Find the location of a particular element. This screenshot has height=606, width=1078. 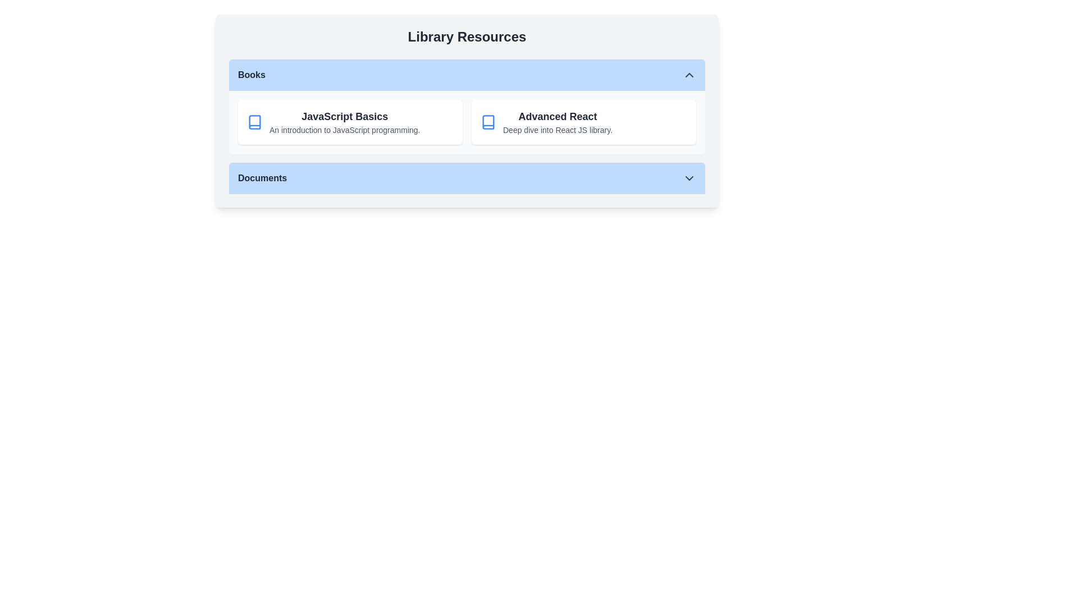

Informational card titled 'JavaScript Basics' with a blue book icon on the left and a white background, located in the top-left section of the grid under the 'Books' section is located at coordinates (350, 122).